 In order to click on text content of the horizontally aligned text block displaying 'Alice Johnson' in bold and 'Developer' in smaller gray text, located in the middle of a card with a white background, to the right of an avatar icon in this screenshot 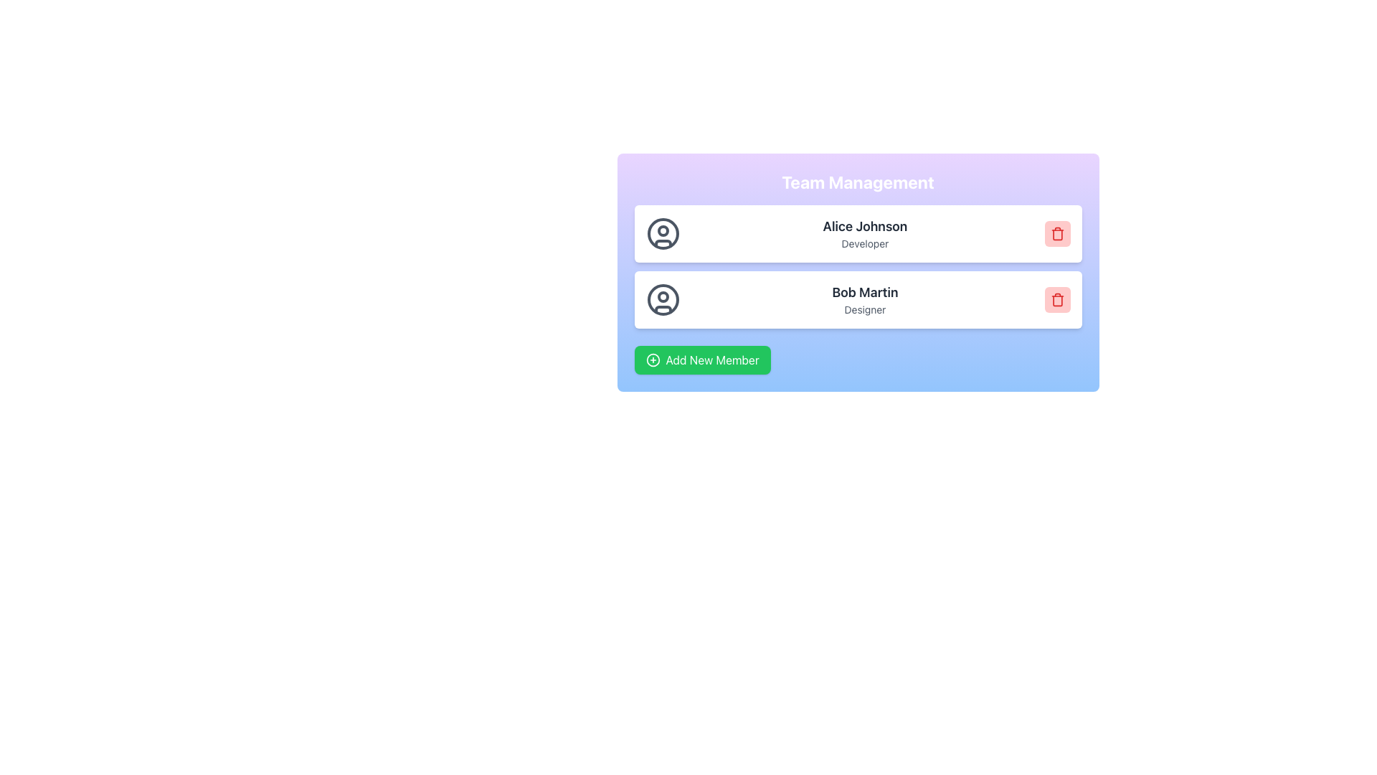, I will do `click(864, 233)`.